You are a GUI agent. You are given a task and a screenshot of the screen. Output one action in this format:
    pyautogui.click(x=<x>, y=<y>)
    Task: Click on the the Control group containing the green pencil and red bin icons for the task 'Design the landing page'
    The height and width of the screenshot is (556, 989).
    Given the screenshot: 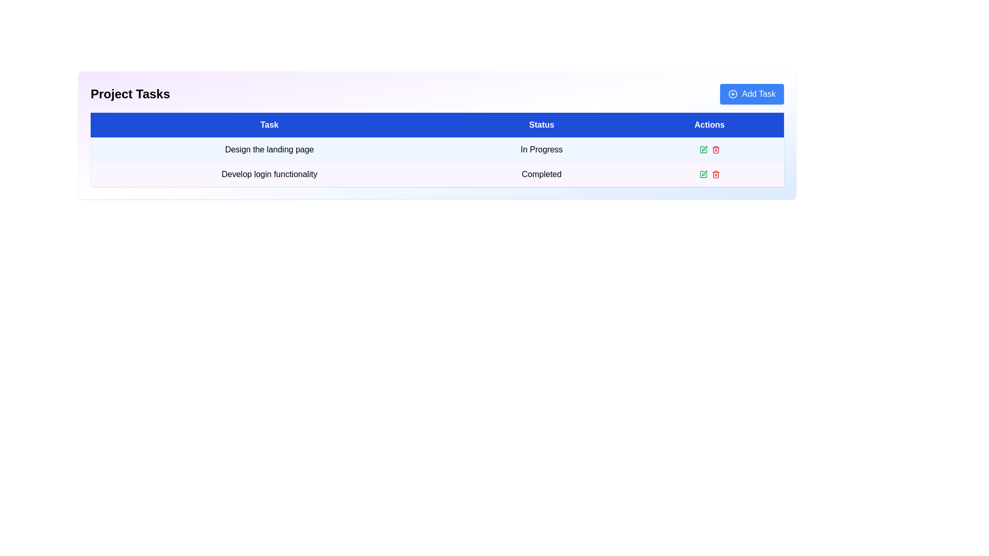 What is the action you would take?
    pyautogui.click(x=709, y=149)
    